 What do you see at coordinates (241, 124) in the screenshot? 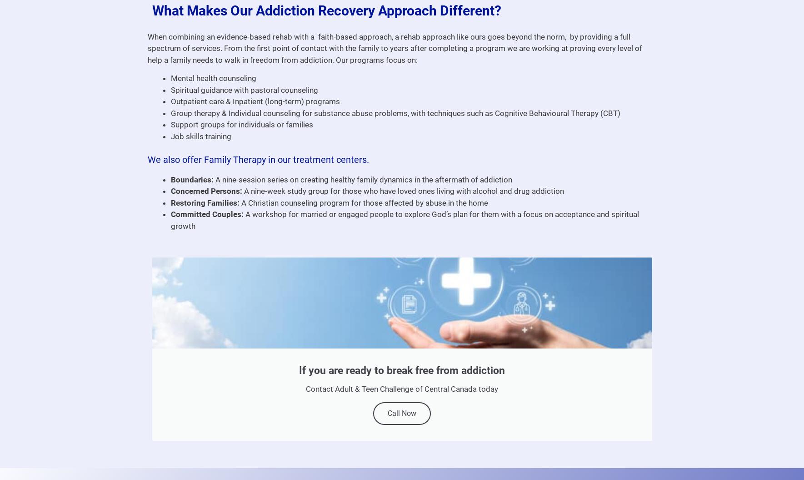
I see `'Support groups for individuals or families'` at bounding box center [241, 124].